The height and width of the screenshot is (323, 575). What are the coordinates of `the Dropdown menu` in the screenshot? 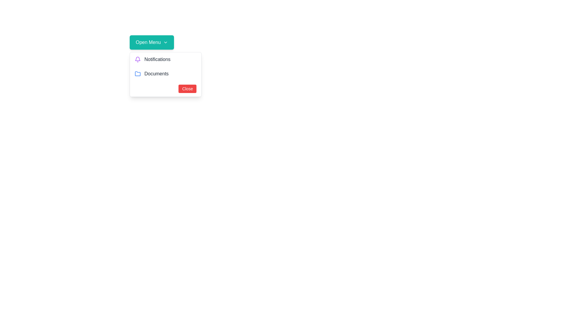 It's located at (166, 74).